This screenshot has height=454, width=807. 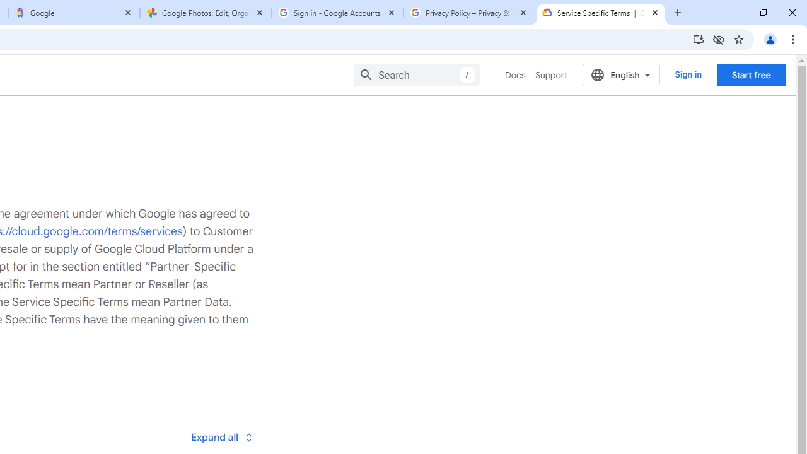 What do you see at coordinates (697, 38) in the screenshot?
I see `'Install Google Cloud'` at bounding box center [697, 38].